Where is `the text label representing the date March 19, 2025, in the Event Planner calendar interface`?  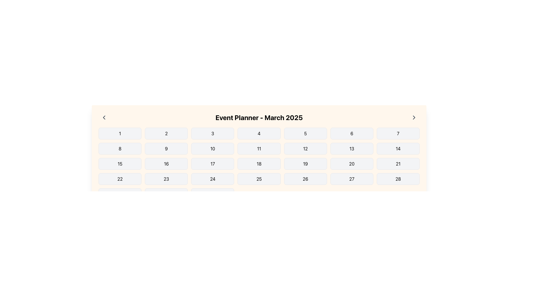 the text label representing the date March 19, 2025, in the Event Planner calendar interface is located at coordinates (305, 164).